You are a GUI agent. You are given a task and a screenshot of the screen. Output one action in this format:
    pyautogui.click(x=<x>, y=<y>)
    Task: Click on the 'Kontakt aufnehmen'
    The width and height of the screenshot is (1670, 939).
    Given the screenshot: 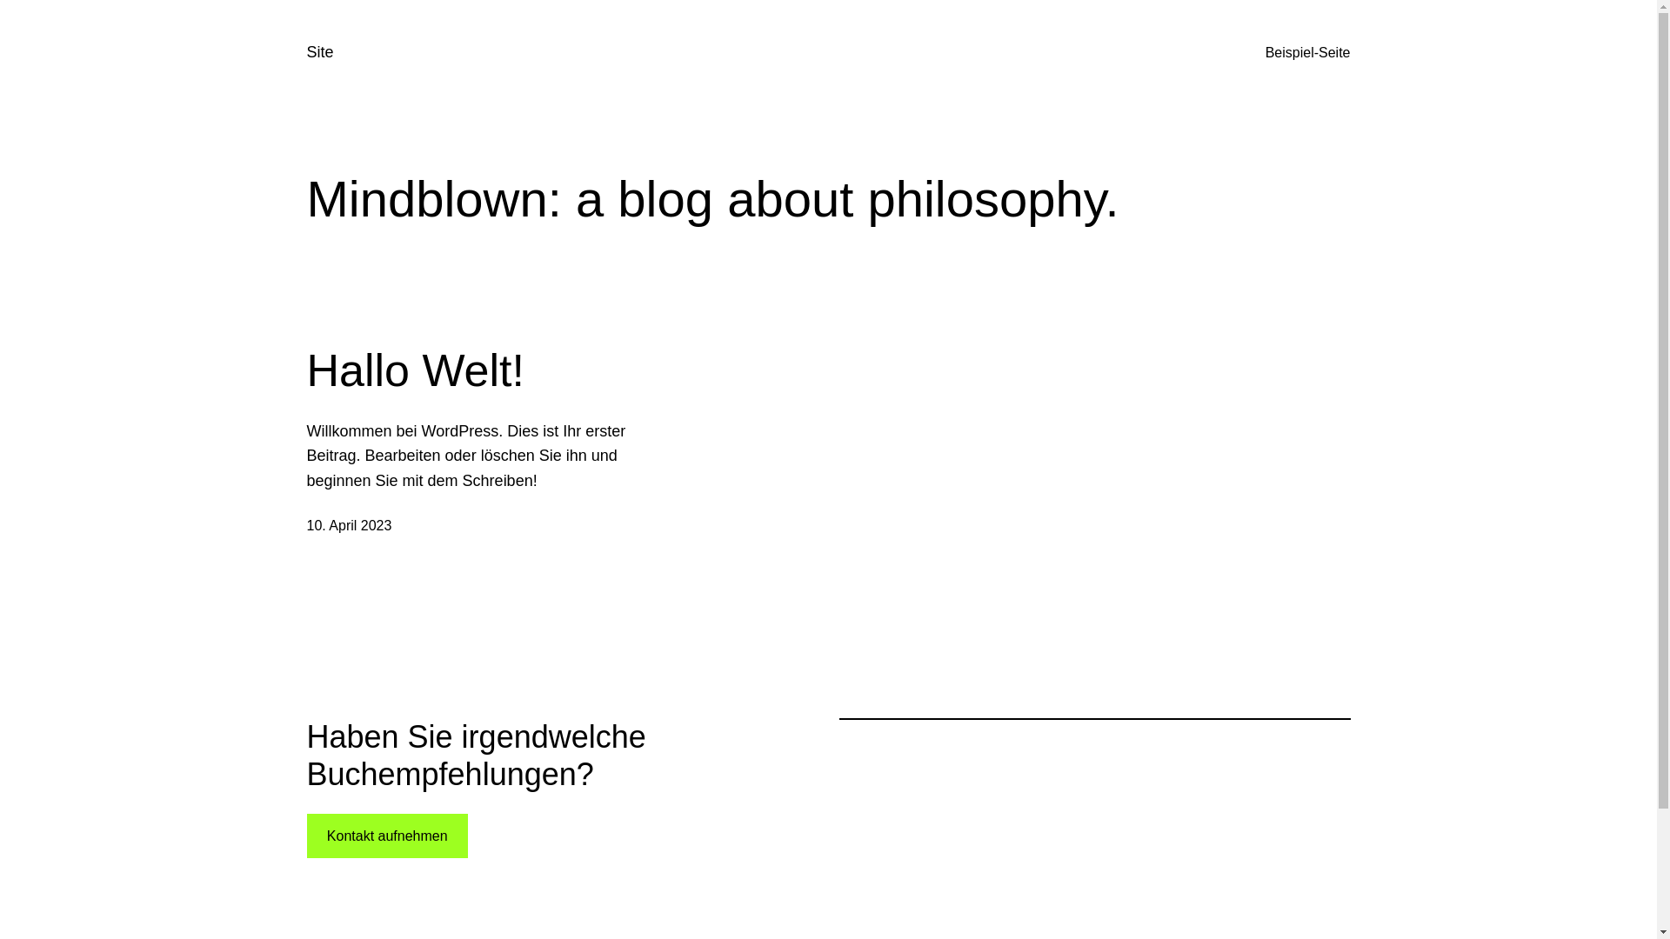 What is the action you would take?
    pyautogui.click(x=385, y=835)
    